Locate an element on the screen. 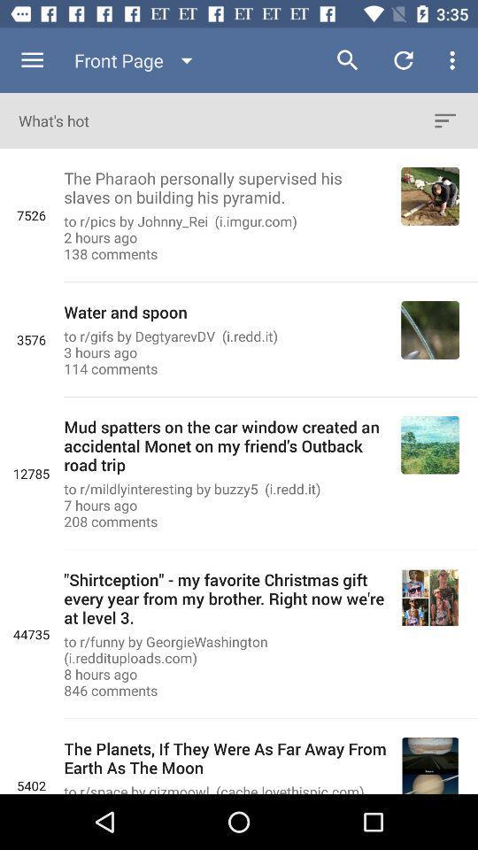 Image resolution: width=478 pixels, height=850 pixels. icon above the what's hot item is located at coordinates (136, 60).